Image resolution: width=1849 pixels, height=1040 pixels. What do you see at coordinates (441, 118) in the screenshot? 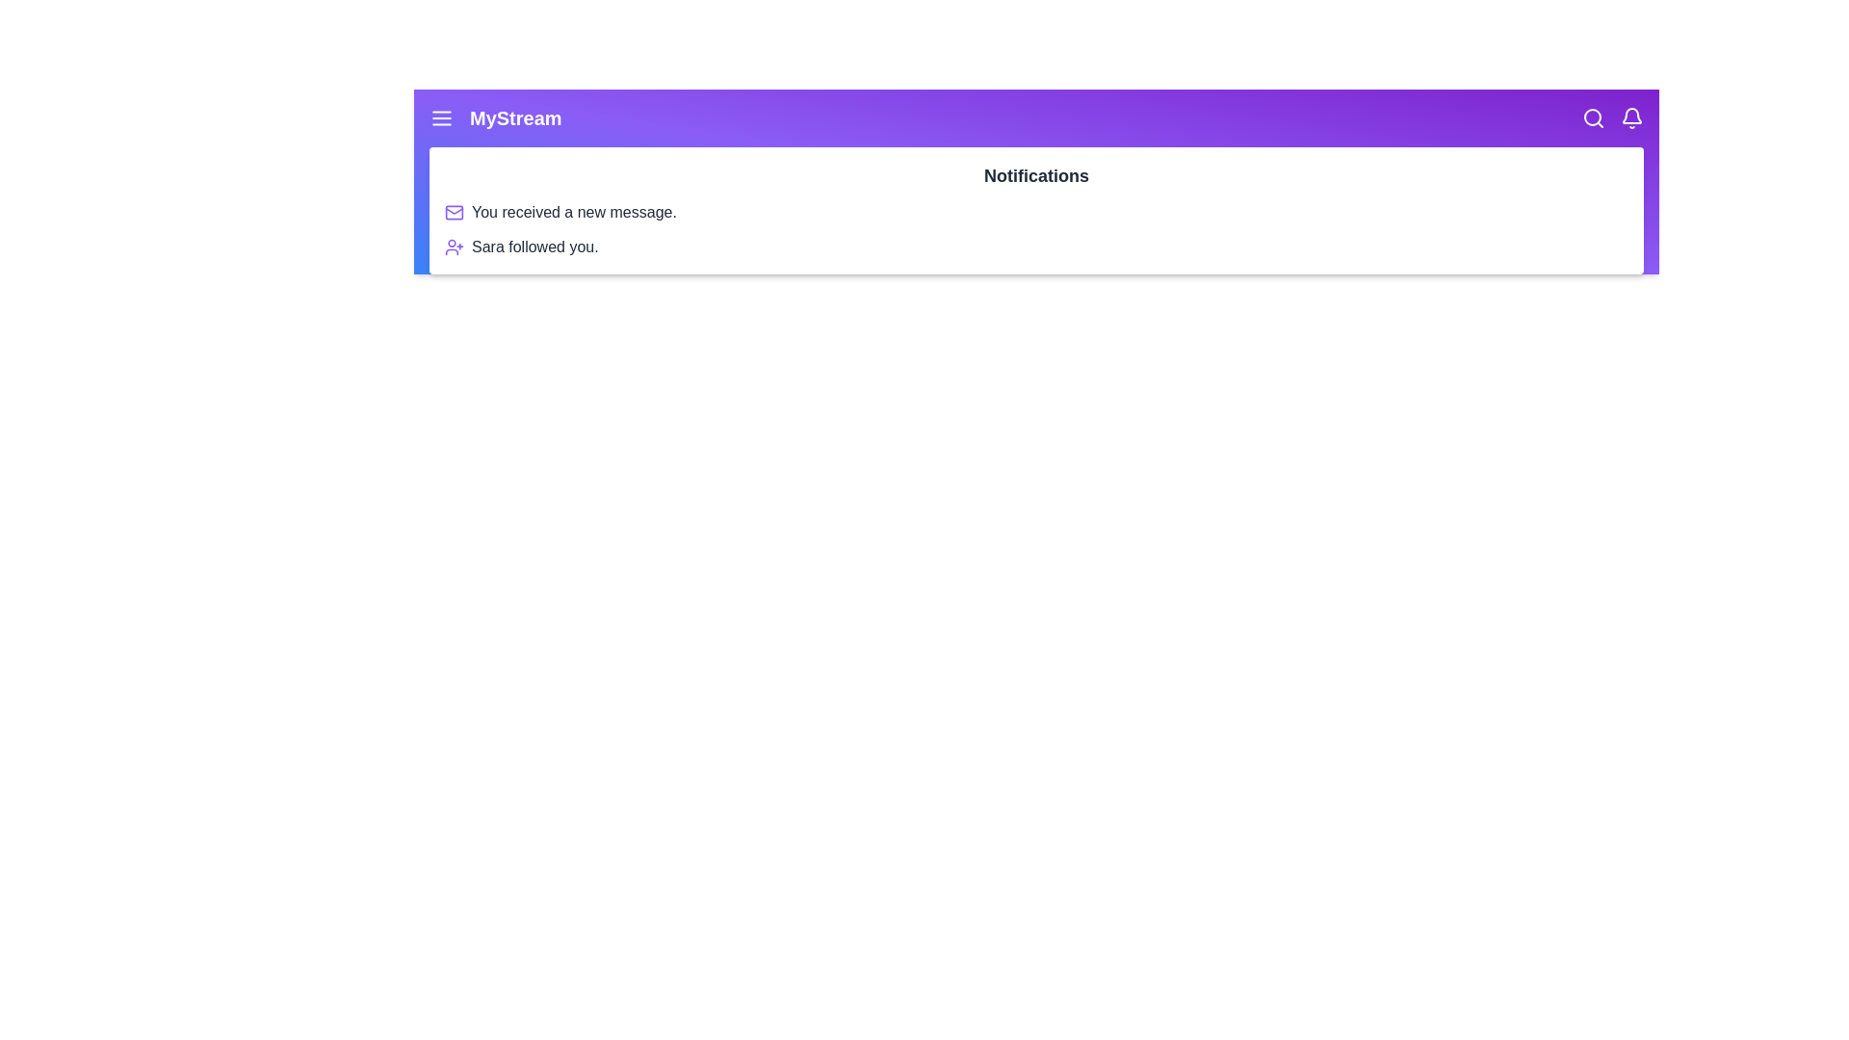
I see `the menu icon to explore its hover effect` at bounding box center [441, 118].